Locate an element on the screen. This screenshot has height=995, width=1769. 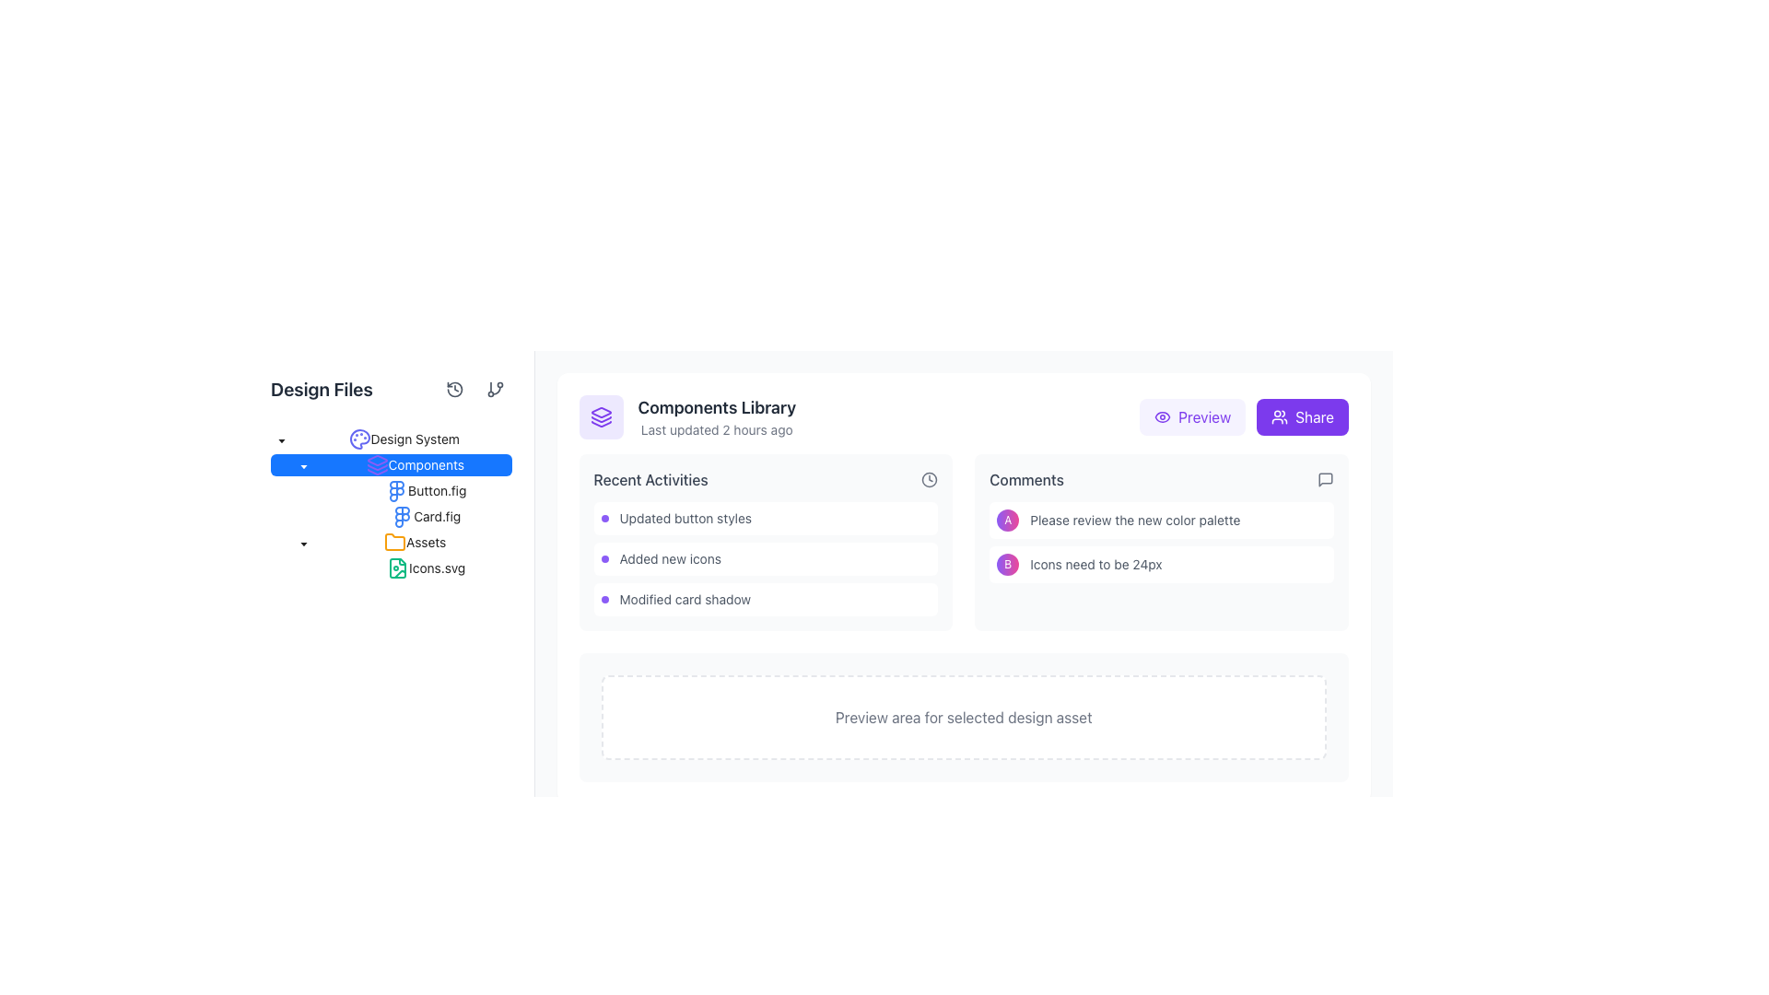
the tree node labeled 'Assets' is located at coordinates (390, 542).